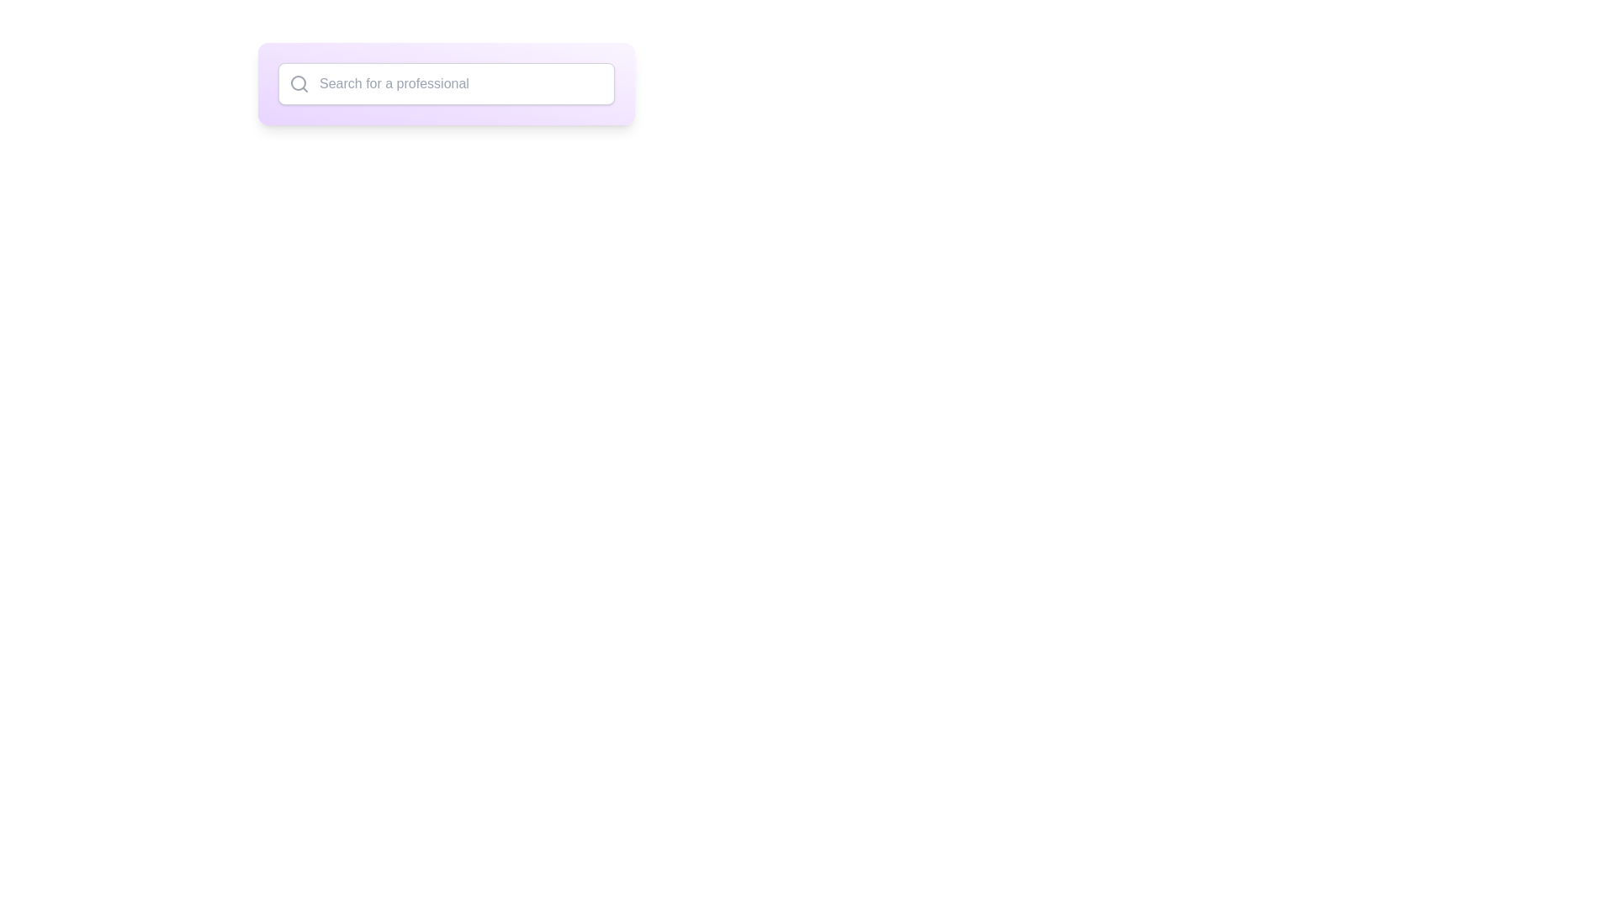 This screenshot has height=908, width=1615. Describe the element at coordinates (299, 83) in the screenshot. I see `the inner circular part of the graphical search icon, which is positioned near the top-left of the page layout` at that location.